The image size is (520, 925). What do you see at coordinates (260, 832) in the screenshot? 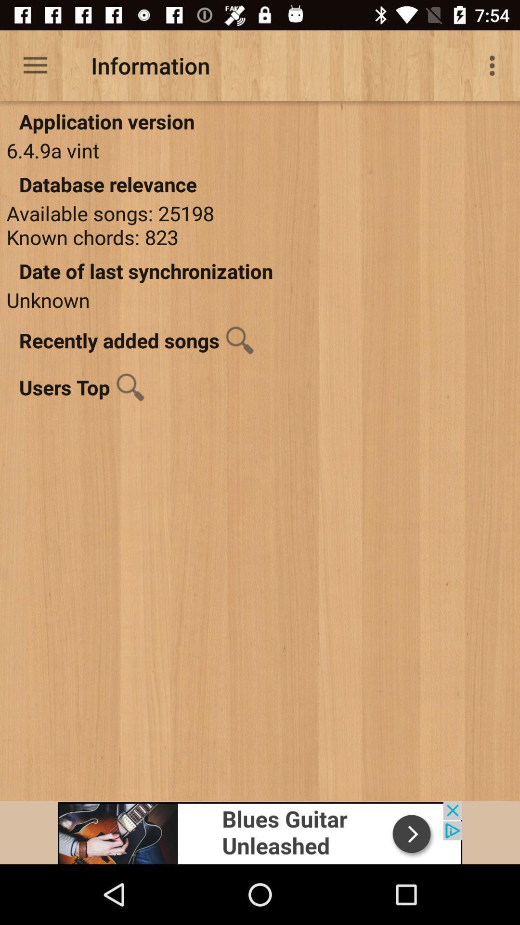
I see `open advertisement` at bounding box center [260, 832].